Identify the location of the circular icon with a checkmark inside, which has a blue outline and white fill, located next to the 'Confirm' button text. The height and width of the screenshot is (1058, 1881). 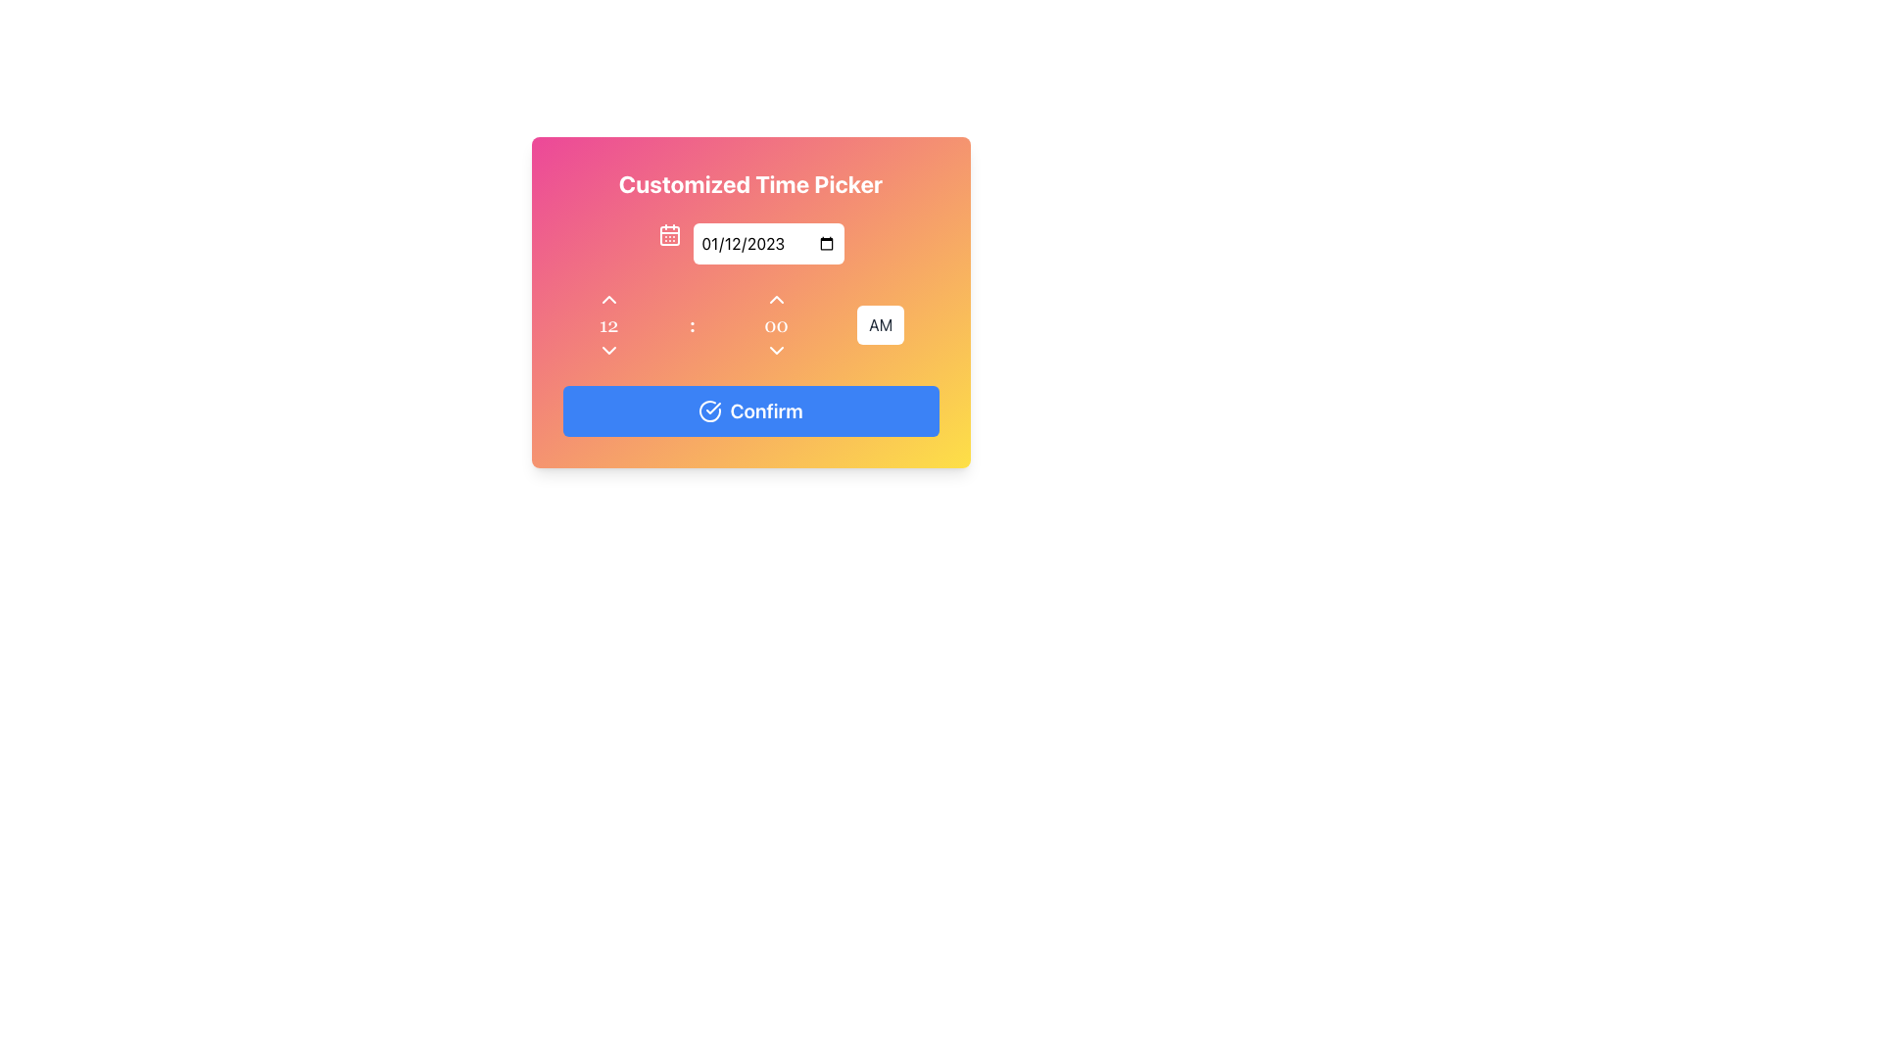
(709, 410).